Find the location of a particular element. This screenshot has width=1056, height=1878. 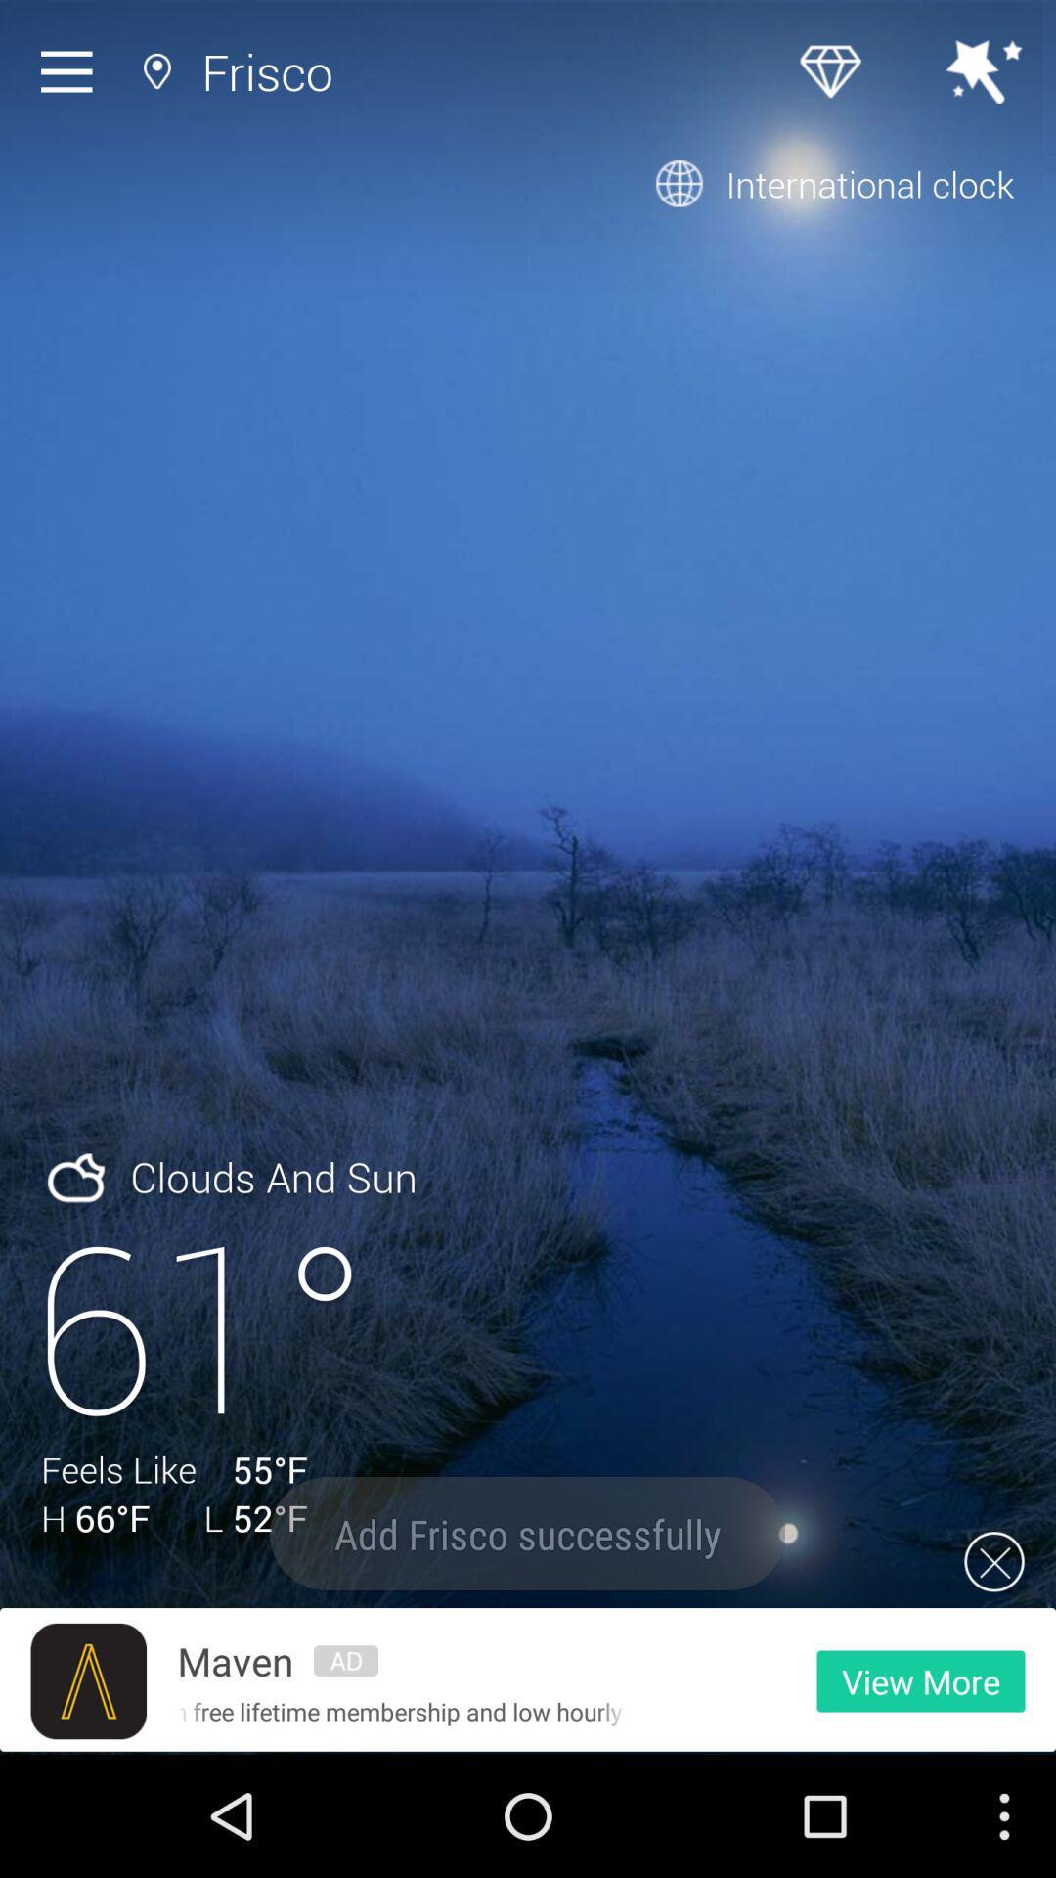

the menu icon is located at coordinates (70, 76).